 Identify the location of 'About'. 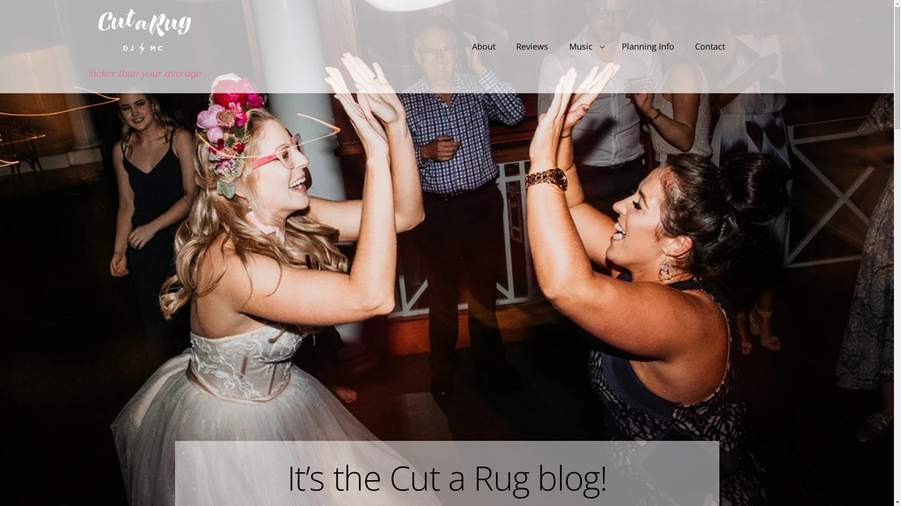
(483, 47).